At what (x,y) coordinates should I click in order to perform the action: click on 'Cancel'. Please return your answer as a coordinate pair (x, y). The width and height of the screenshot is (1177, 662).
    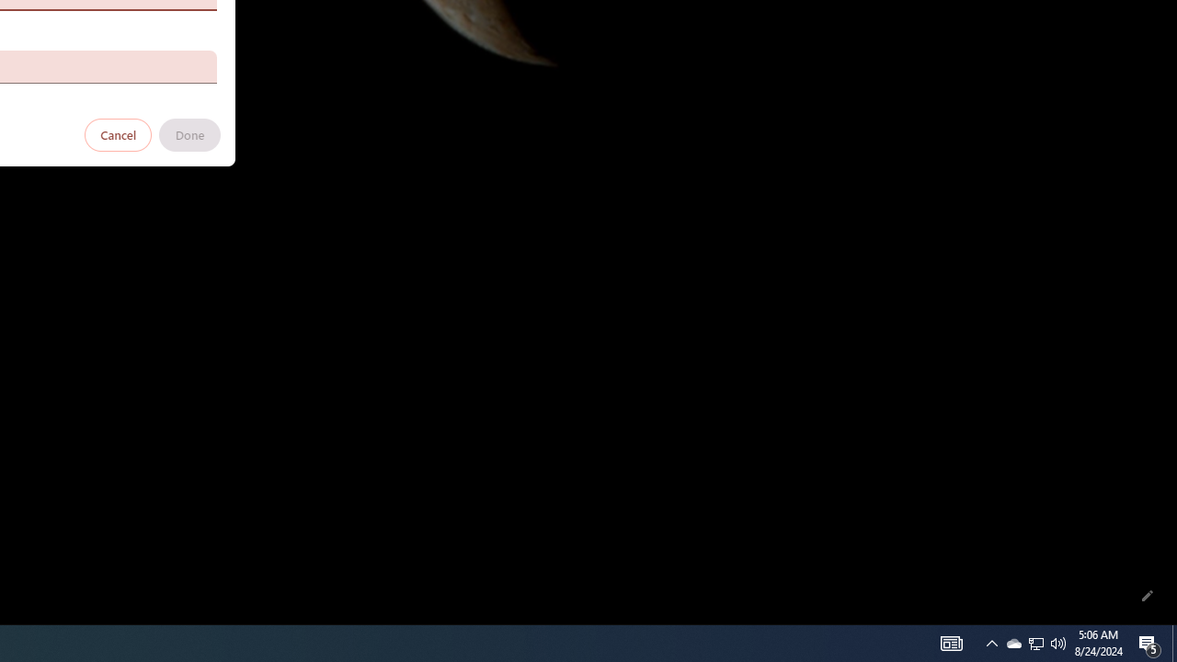
    Looking at the image, I should click on (118, 133).